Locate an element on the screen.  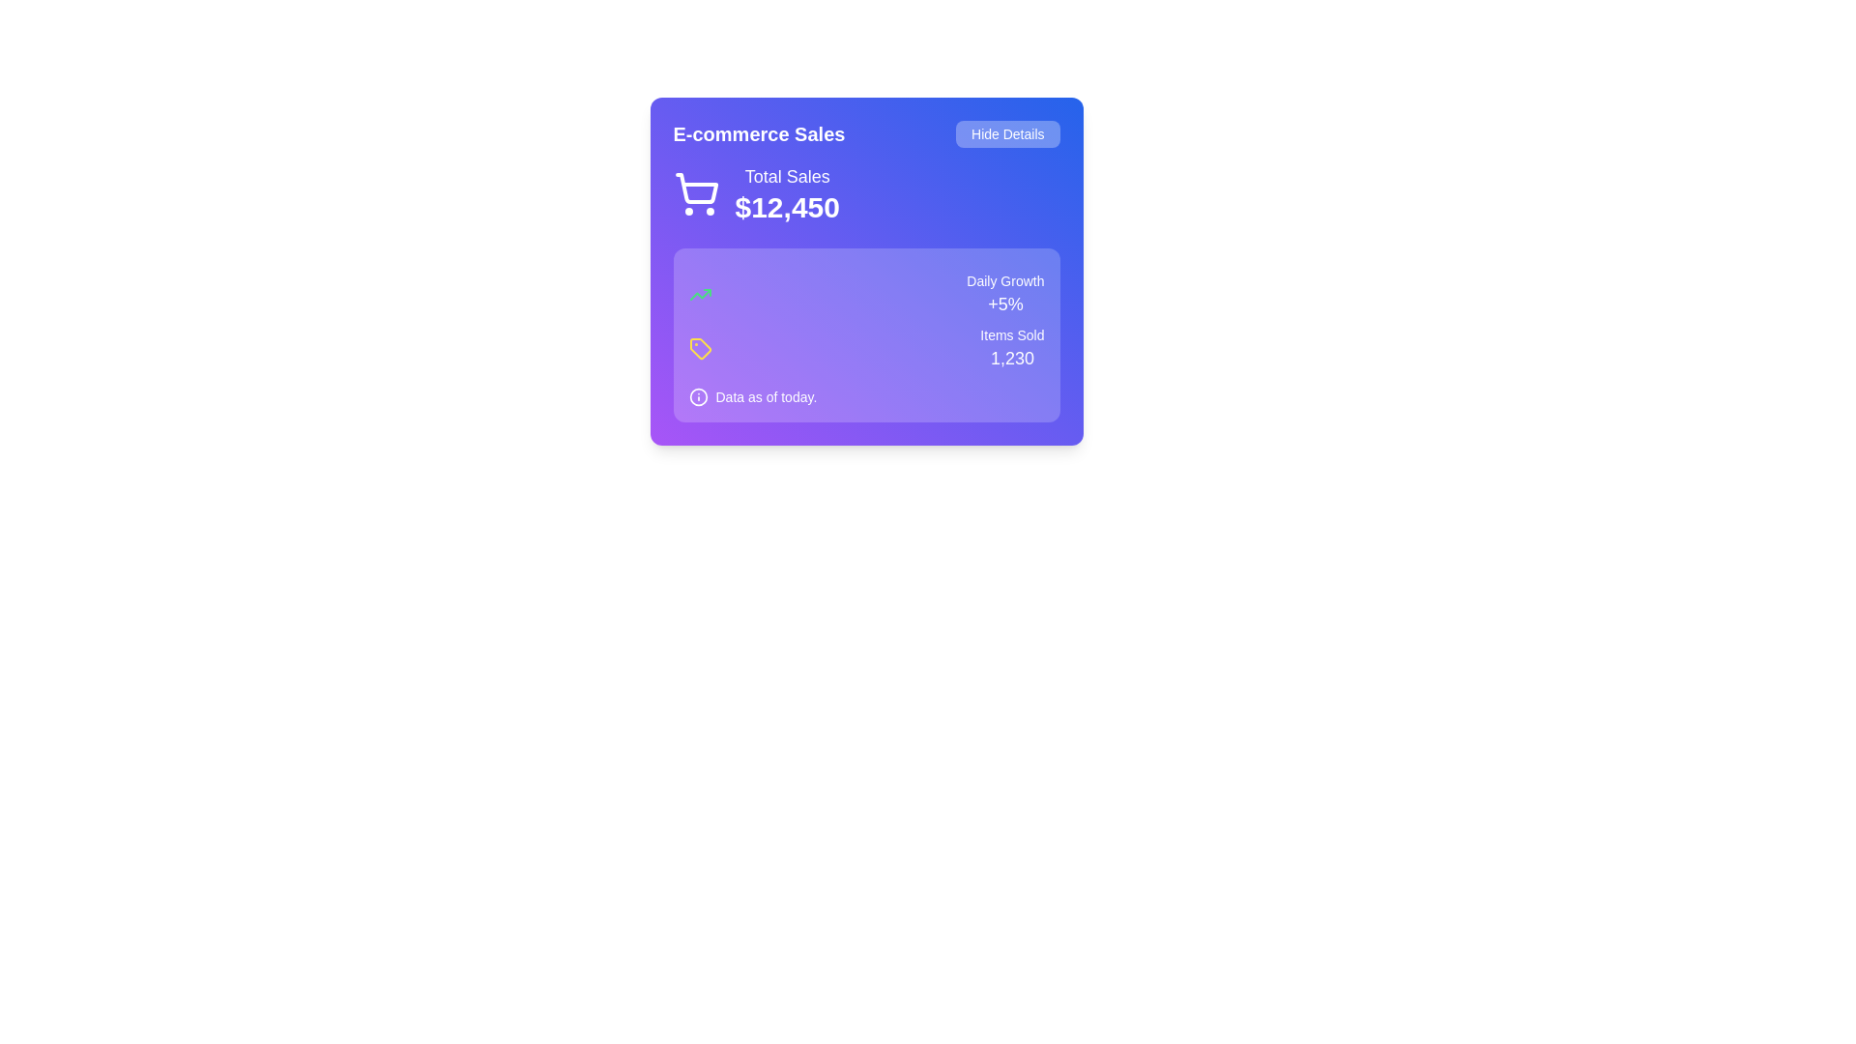
the text display element that shows '+5%' in white color on a gradient purple background, positioned in the middle-right section of the statistics card is located at coordinates (1005, 304).